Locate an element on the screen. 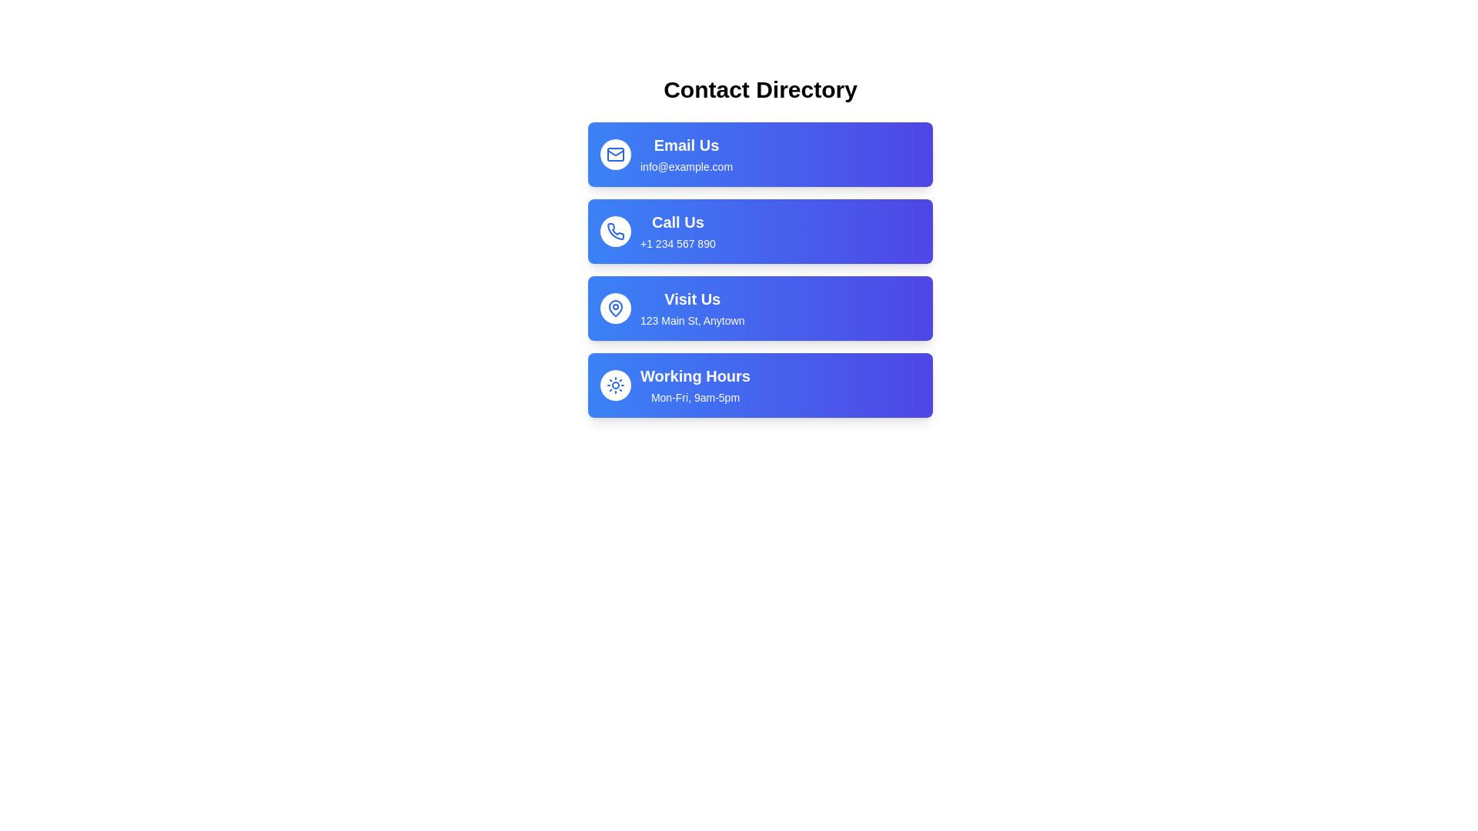 This screenshot has height=831, width=1478. the informational Text label displaying working hours, located below the 'Working Hours' title in the Contact Directory interface is located at coordinates (694, 396).